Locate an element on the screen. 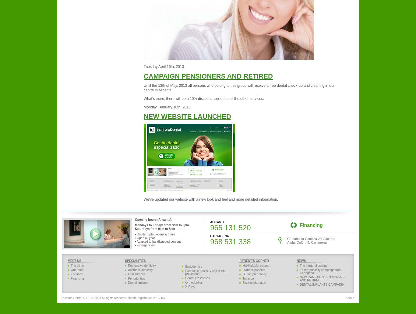  'Diabetic patients' is located at coordinates (253, 270).